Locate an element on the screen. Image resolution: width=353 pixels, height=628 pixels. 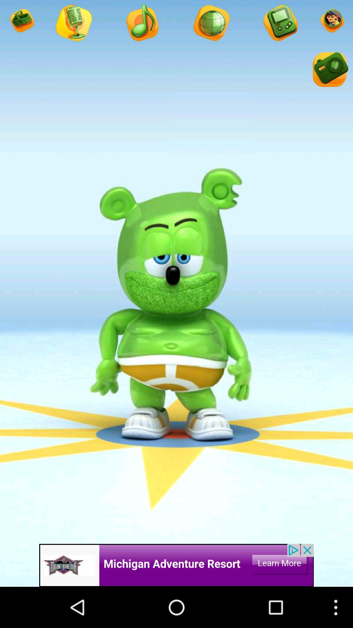
the photo icon is located at coordinates (329, 76).